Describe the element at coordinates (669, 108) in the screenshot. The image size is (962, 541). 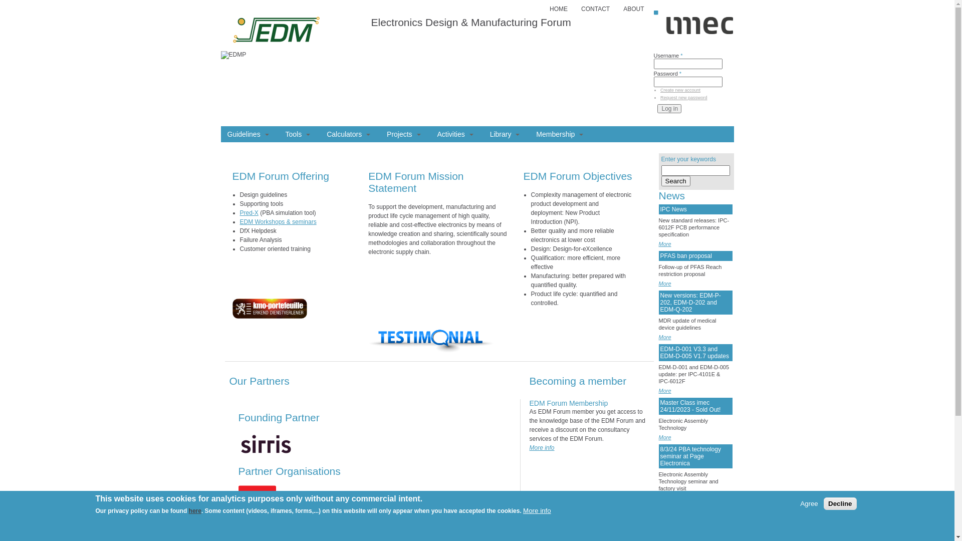
I see `'Log in'` at that location.